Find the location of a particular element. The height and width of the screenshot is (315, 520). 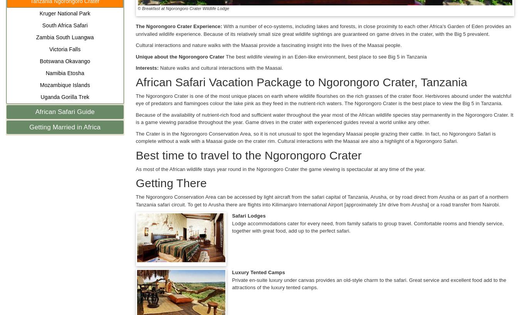

'Zambia South Luangwa' is located at coordinates (64, 37).